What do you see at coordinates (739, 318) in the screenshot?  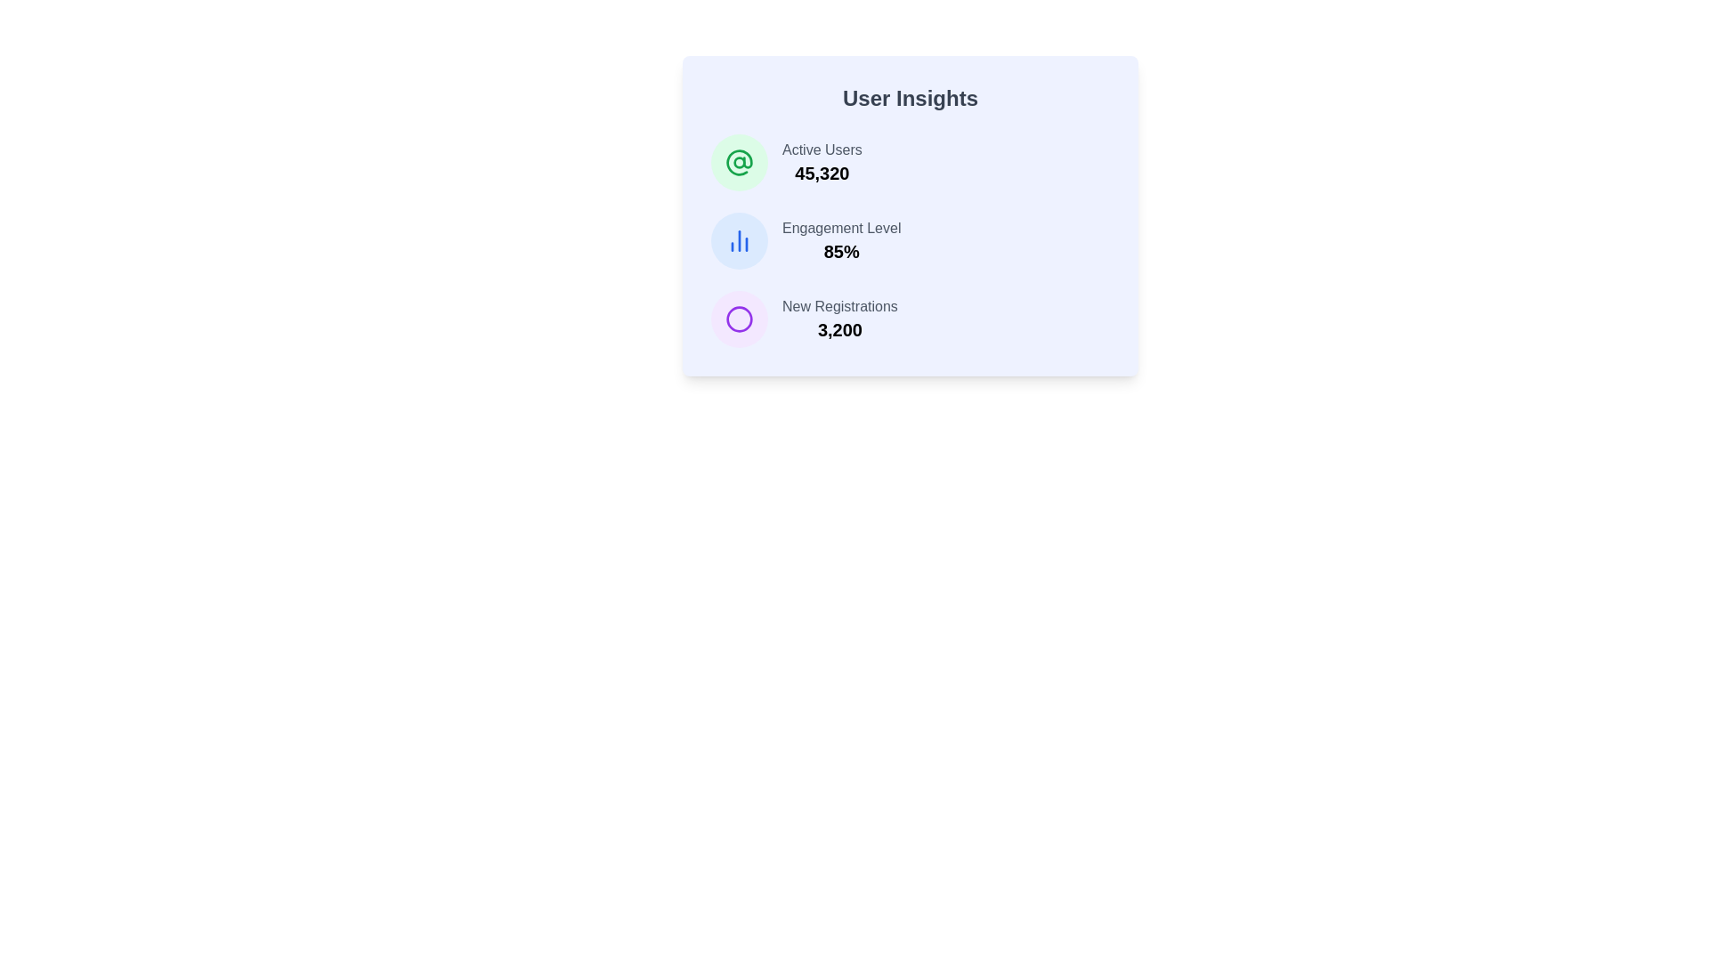 I see `the circular purple icon located to the left of the 'New Registrations 3,200' text in the 'User Insights' panel` at bounding box center [739, 318].